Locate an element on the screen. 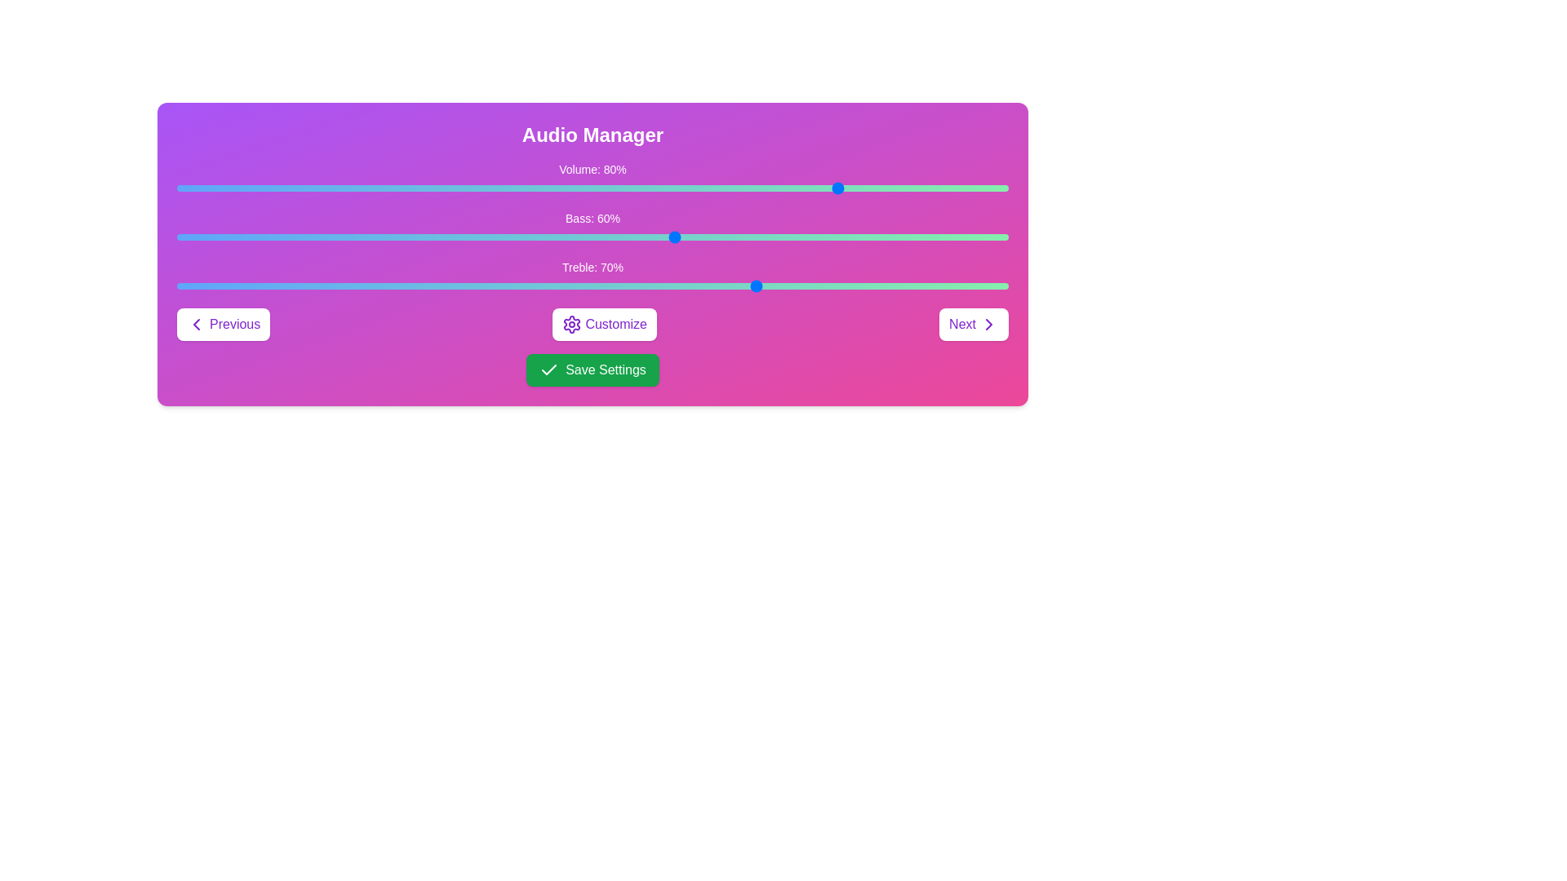 This screenshot has height=881, width=1567. the slider value is located at coordinates (301, 188).